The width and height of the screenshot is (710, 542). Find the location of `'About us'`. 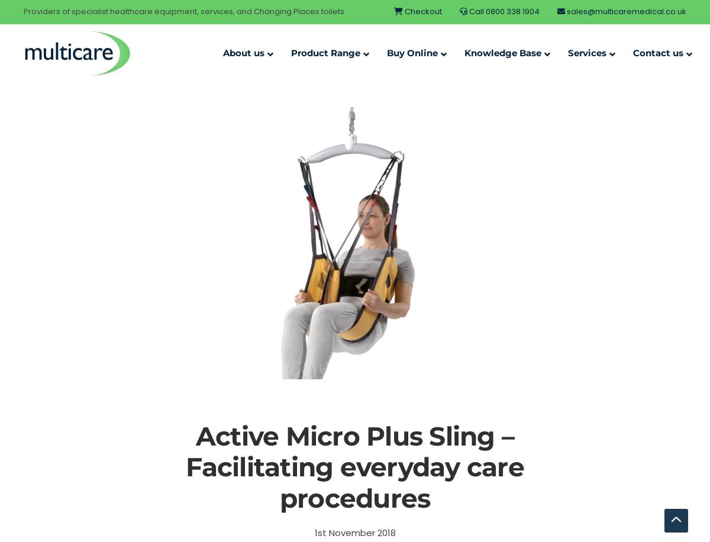

'About us' is located at coordinates (243, 52).